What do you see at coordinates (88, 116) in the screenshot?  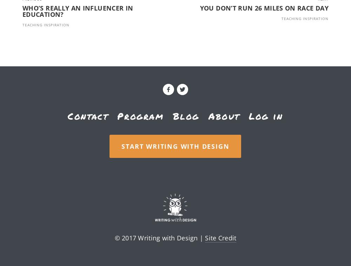 I see `'Contact'` at bounding box center [88, 116].